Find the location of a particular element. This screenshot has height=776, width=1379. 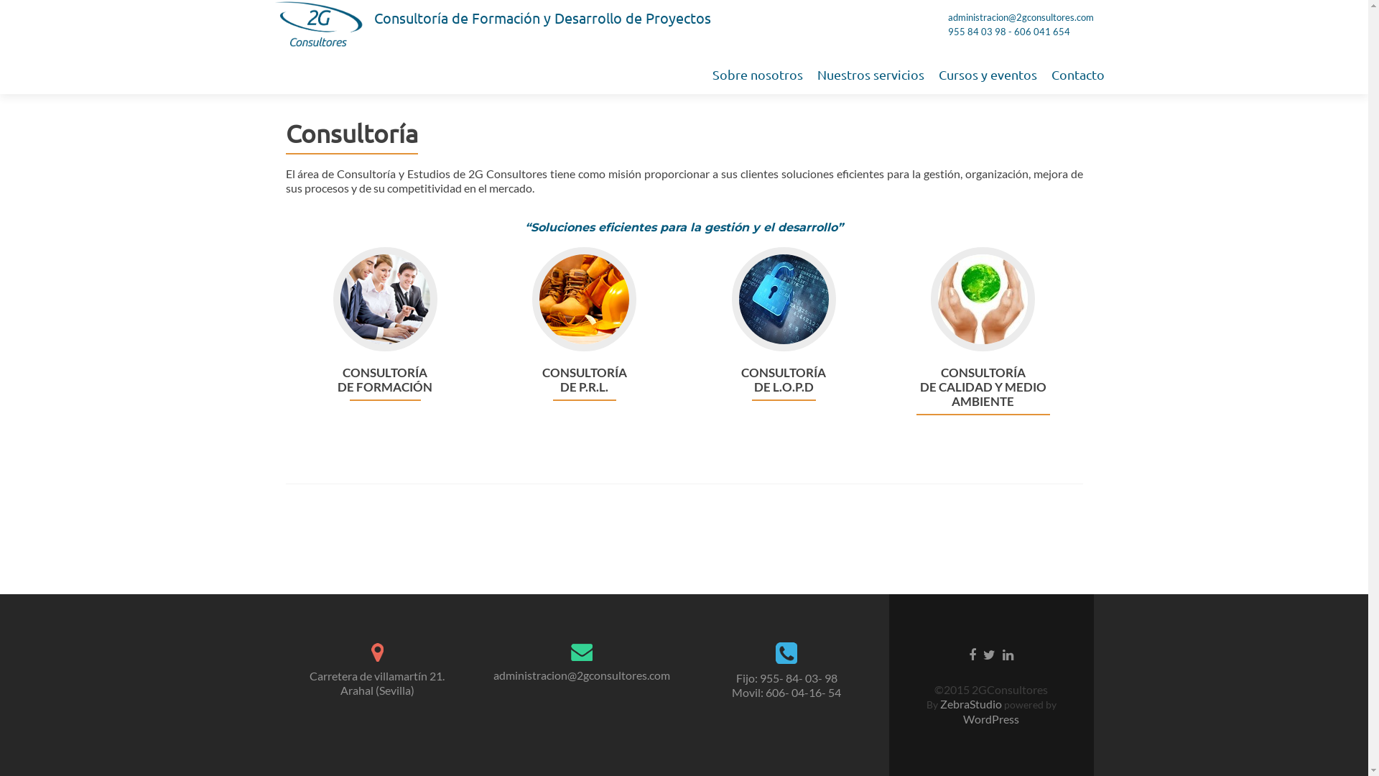

'Cursos y eventos' is located at coordinates (986, 74).